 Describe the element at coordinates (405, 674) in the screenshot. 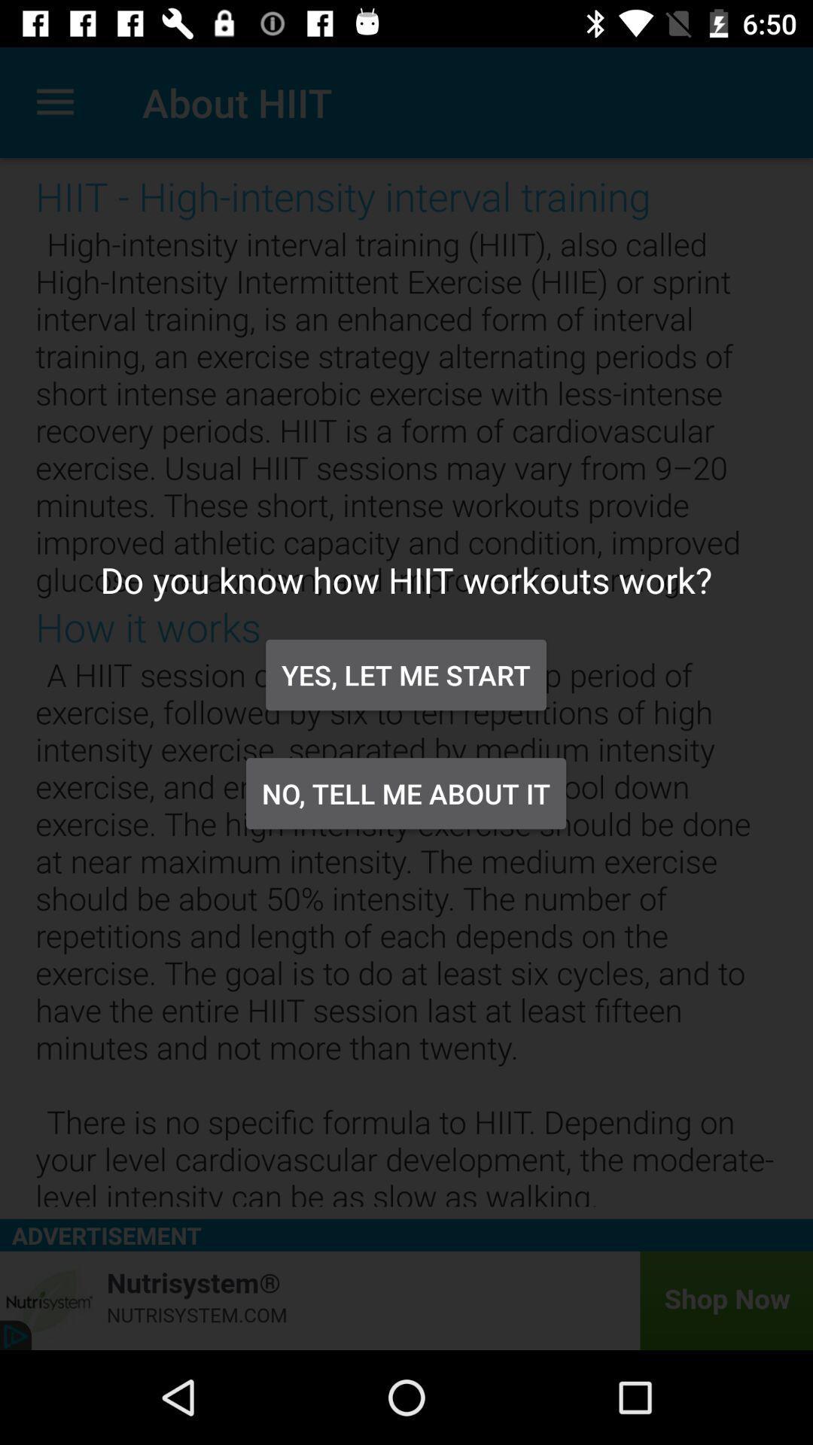

I see `the icon below the do you know item` at that location.